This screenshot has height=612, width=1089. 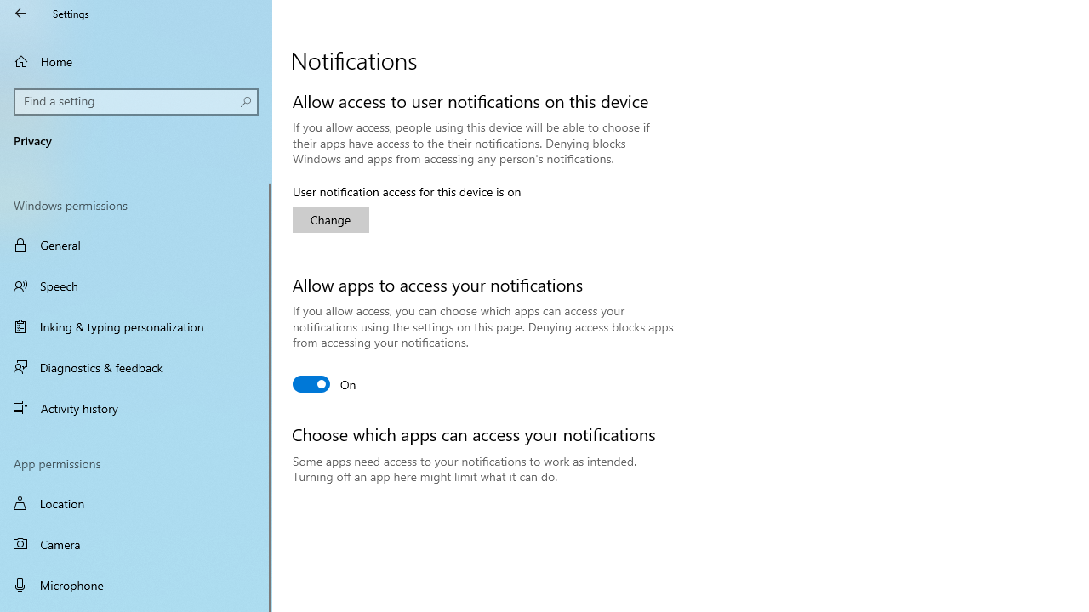 I want to click on 'Inking & typing personalization', so click(x=136, y=326).